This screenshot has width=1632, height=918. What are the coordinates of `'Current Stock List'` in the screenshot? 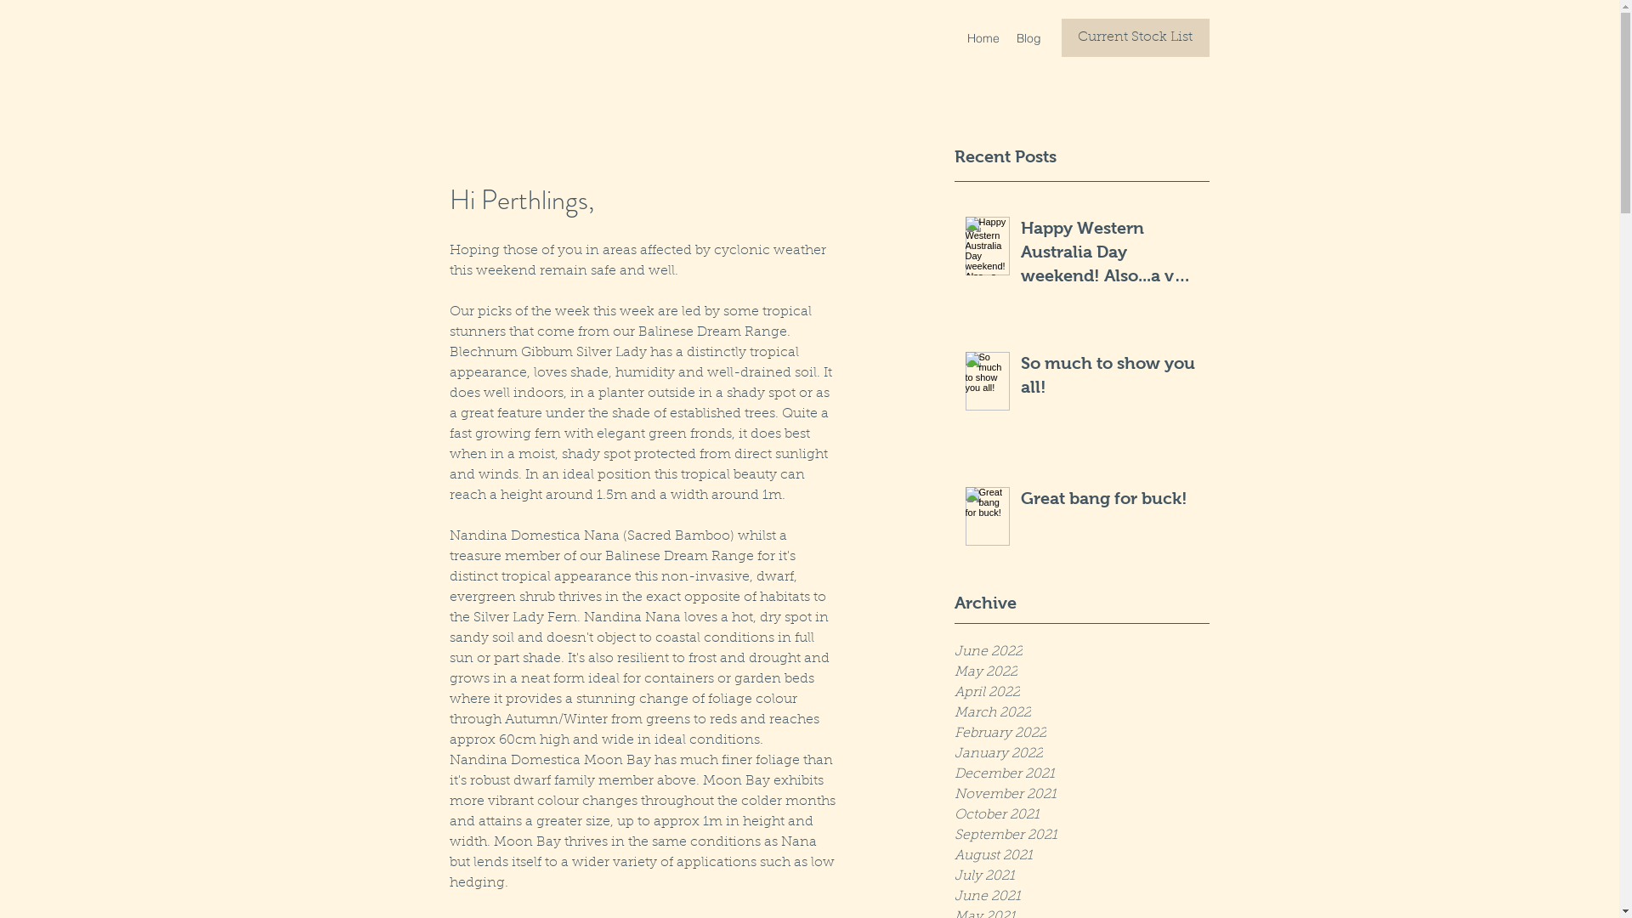 It's located at (1134, 37).